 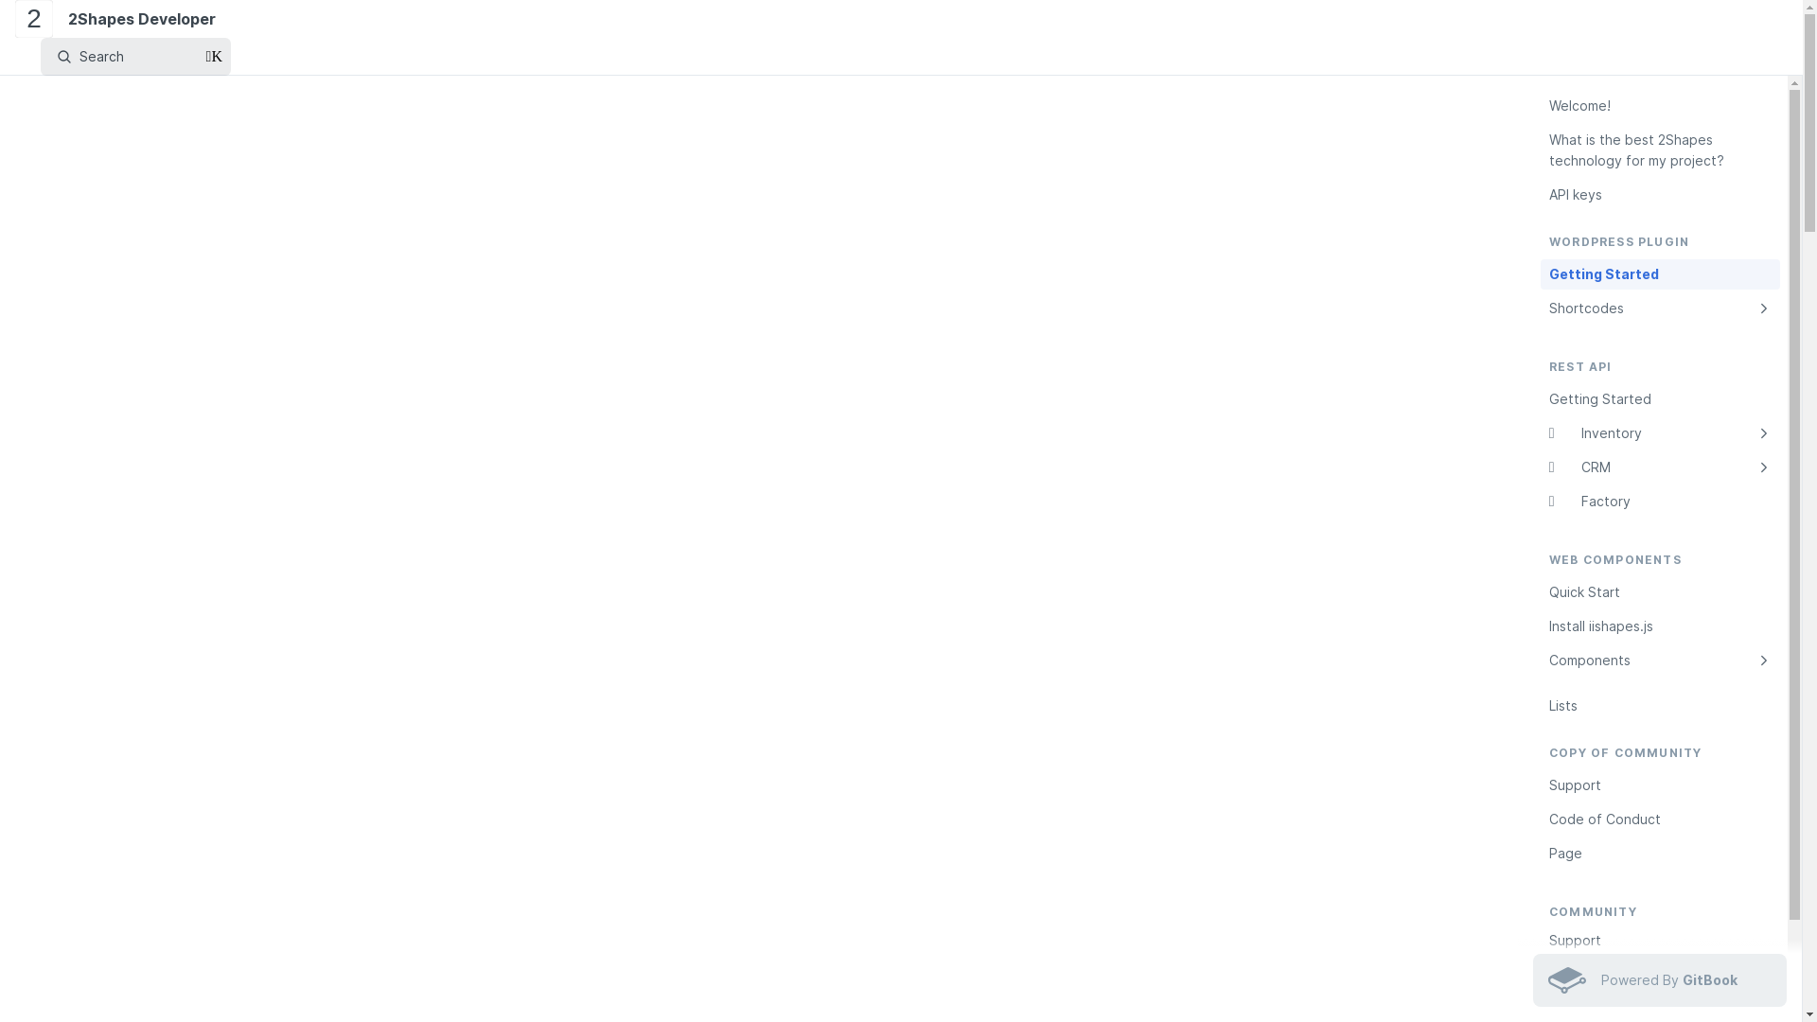 I want to click on 'Shortcodes', so click(x=1659, y=308).